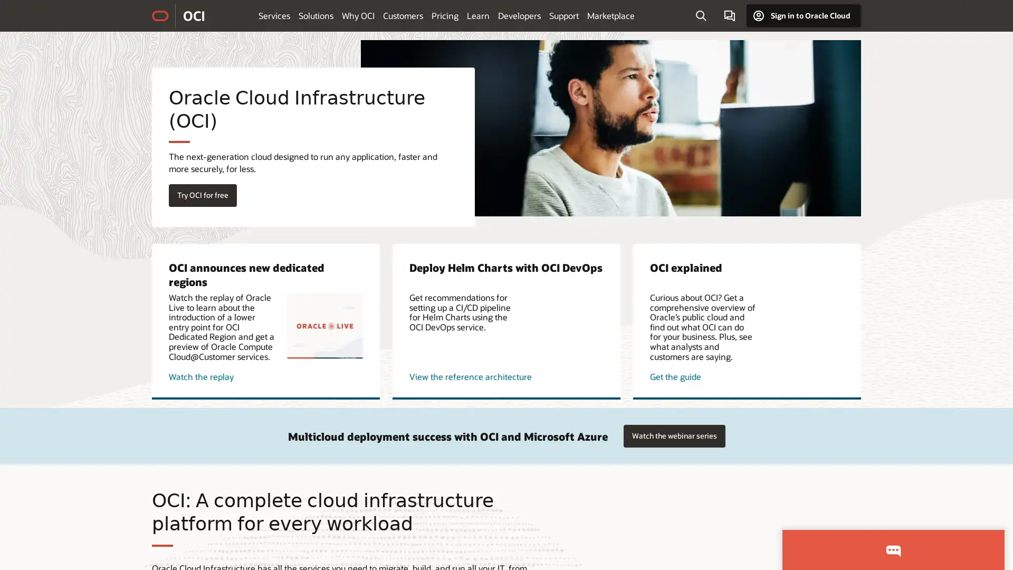 This screenshot has width=1013, height=570. I want to click on Services, so click(274, 15).